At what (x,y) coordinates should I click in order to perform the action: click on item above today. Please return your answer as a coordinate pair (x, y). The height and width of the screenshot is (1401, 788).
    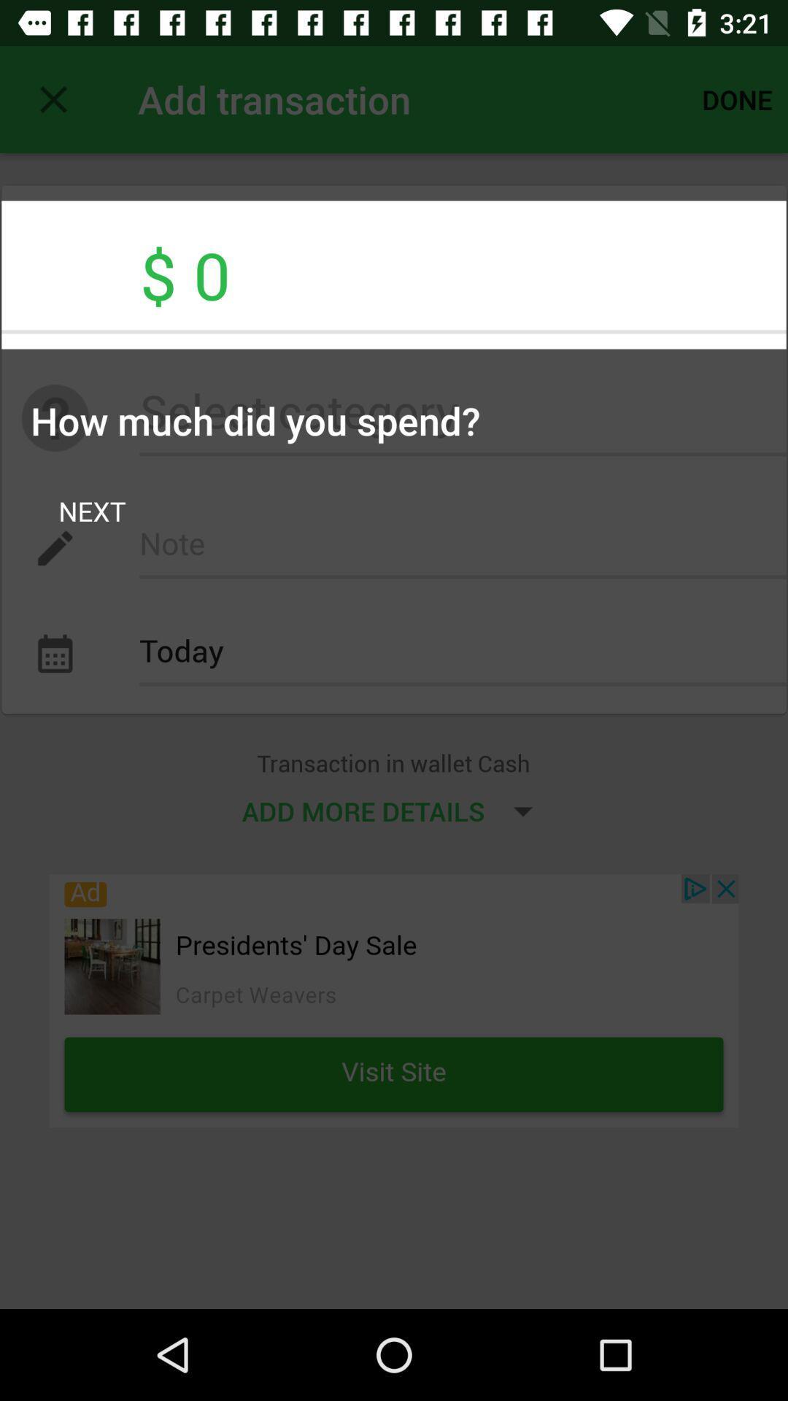
    Looking at the image, I should click on (92, 511).